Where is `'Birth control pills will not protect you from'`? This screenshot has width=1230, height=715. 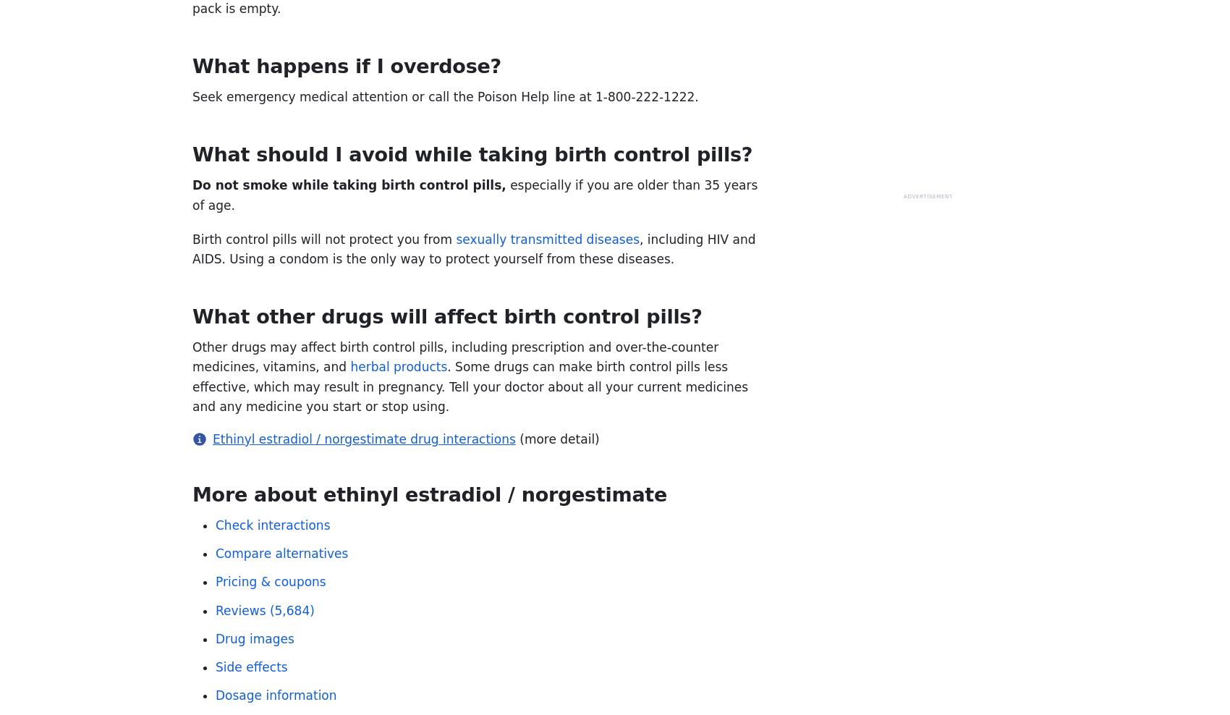 'Birth control pills will not protect you from' is located at coordinates (323, 238).